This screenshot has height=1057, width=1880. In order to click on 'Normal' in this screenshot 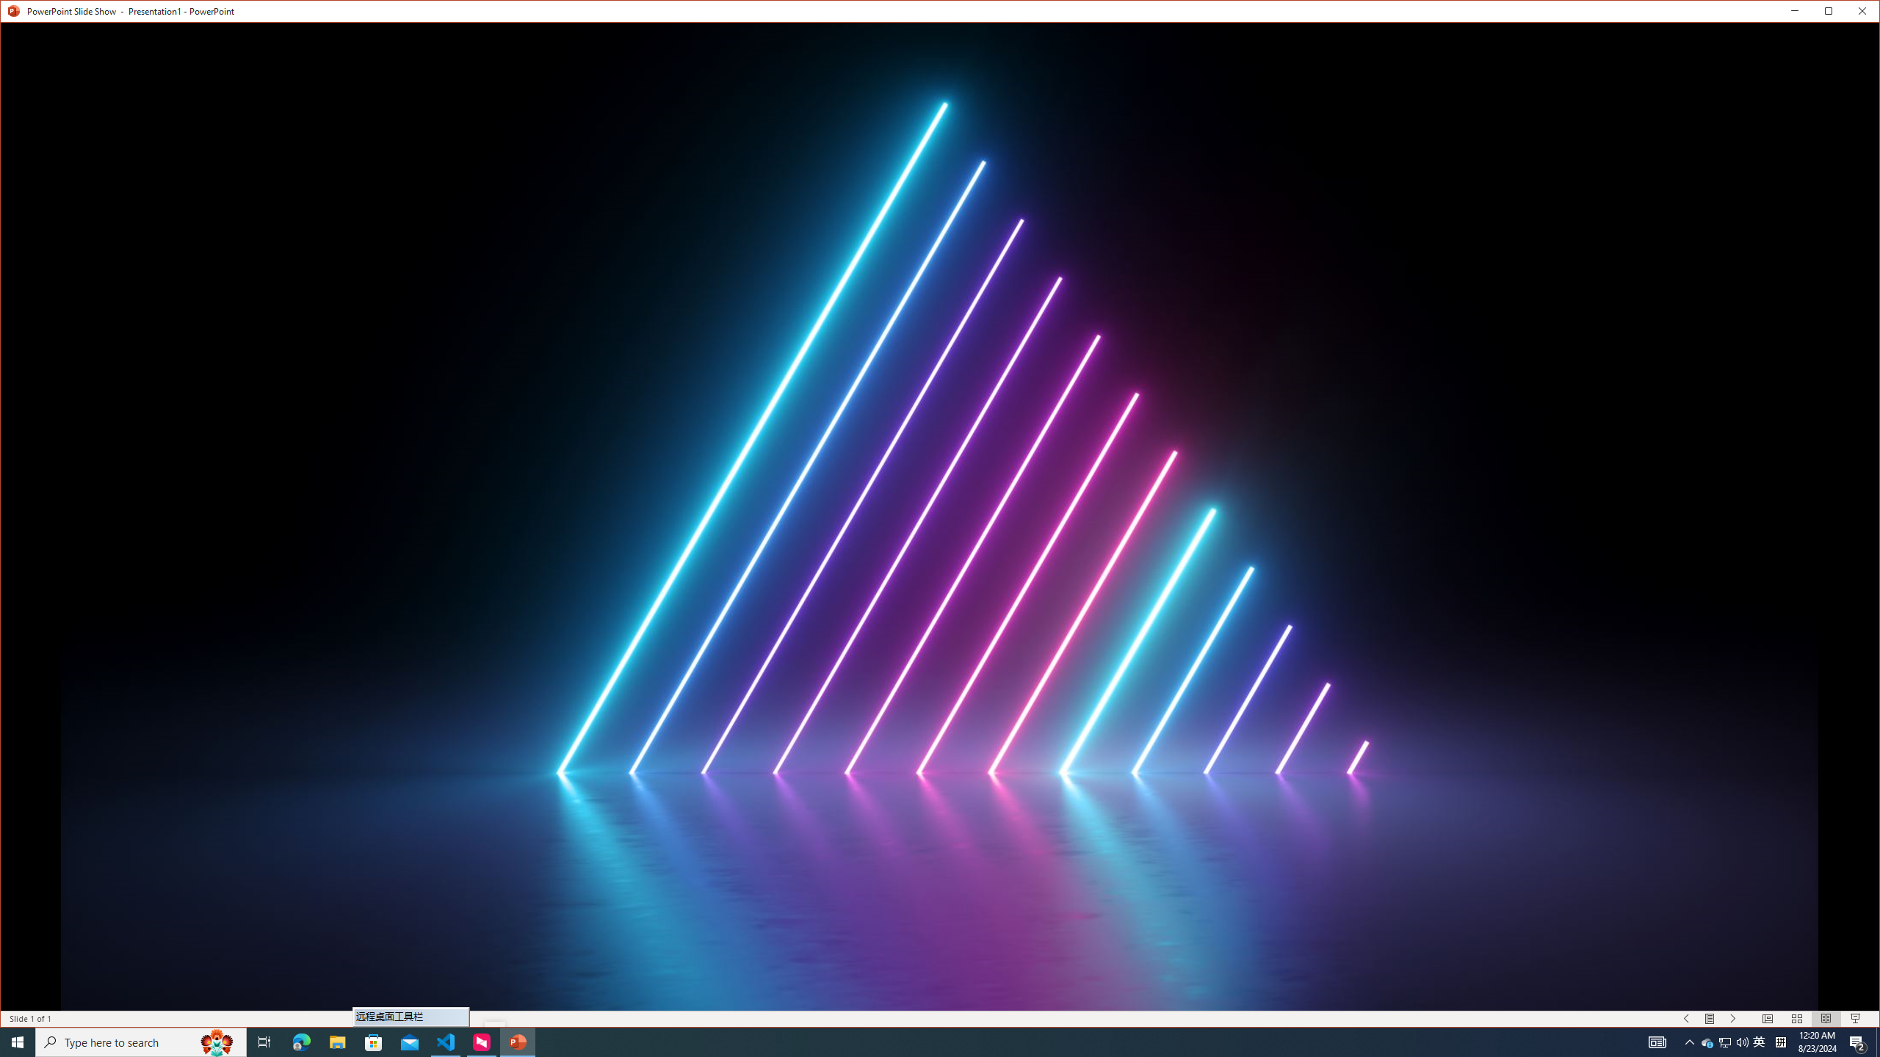, I will do `click(1766, 1018)`.